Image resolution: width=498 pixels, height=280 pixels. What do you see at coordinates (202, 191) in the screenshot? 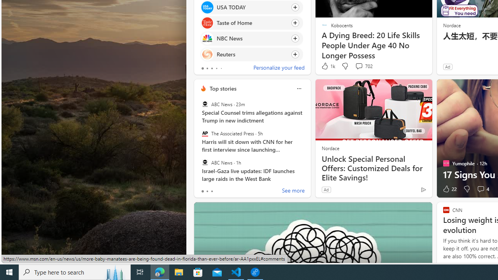
I see `'tab-0'` at bounding box center [202, 191].